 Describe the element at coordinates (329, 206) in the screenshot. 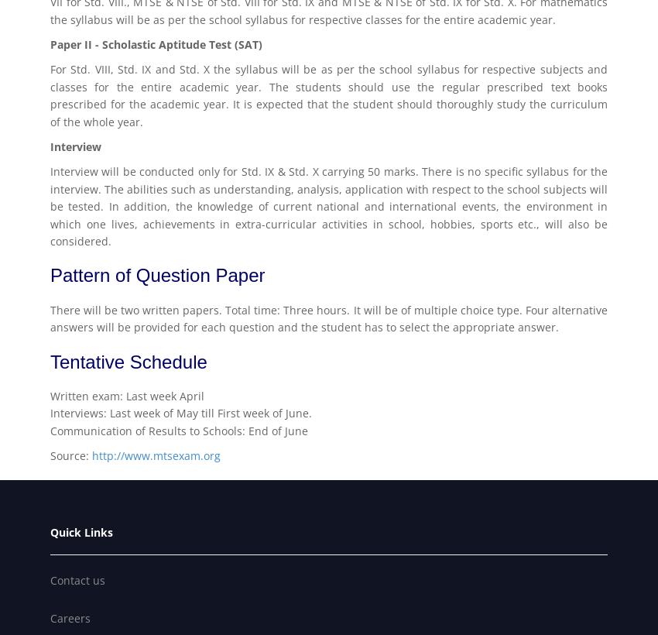

I see `'Interview will be conducted only for Std. IX & Std. X carrying 50 marks. There is no specific syllabus for the interview. The abilities such as understanding, analysis, application with respect to the school subjects will be tested. In addition, the knowledge of current national and international events, the environment in which one lives, achievements in extra-curricular activities in school, hobbies, sports etc., will also be considered.'` at that location.